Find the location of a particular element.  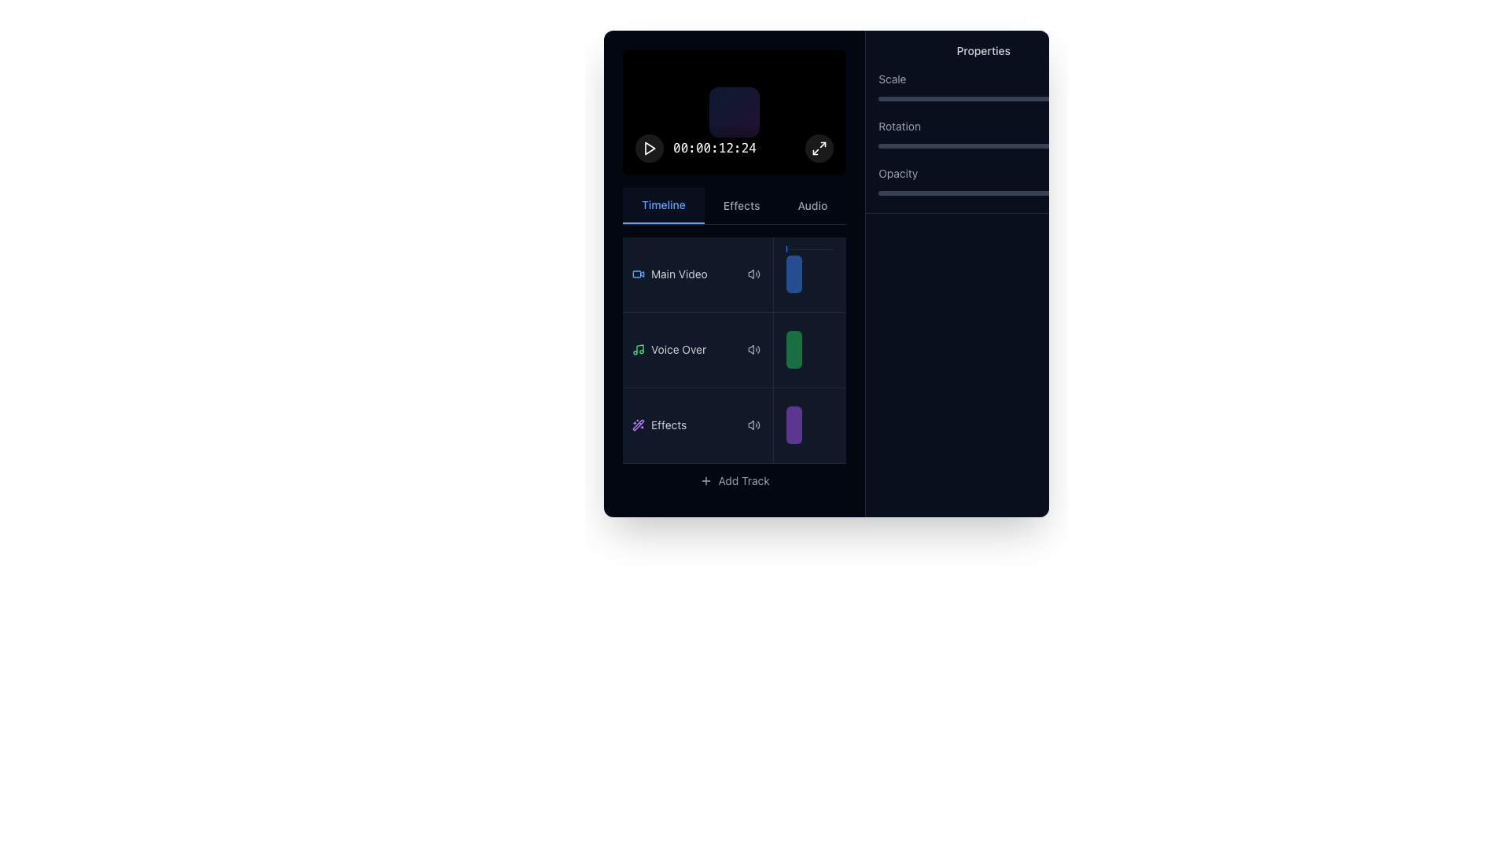

the visual handle located in the second row labeled 'Voice Over' in the timeline panel, aligned on the far right is located at coordinates (794, 349).